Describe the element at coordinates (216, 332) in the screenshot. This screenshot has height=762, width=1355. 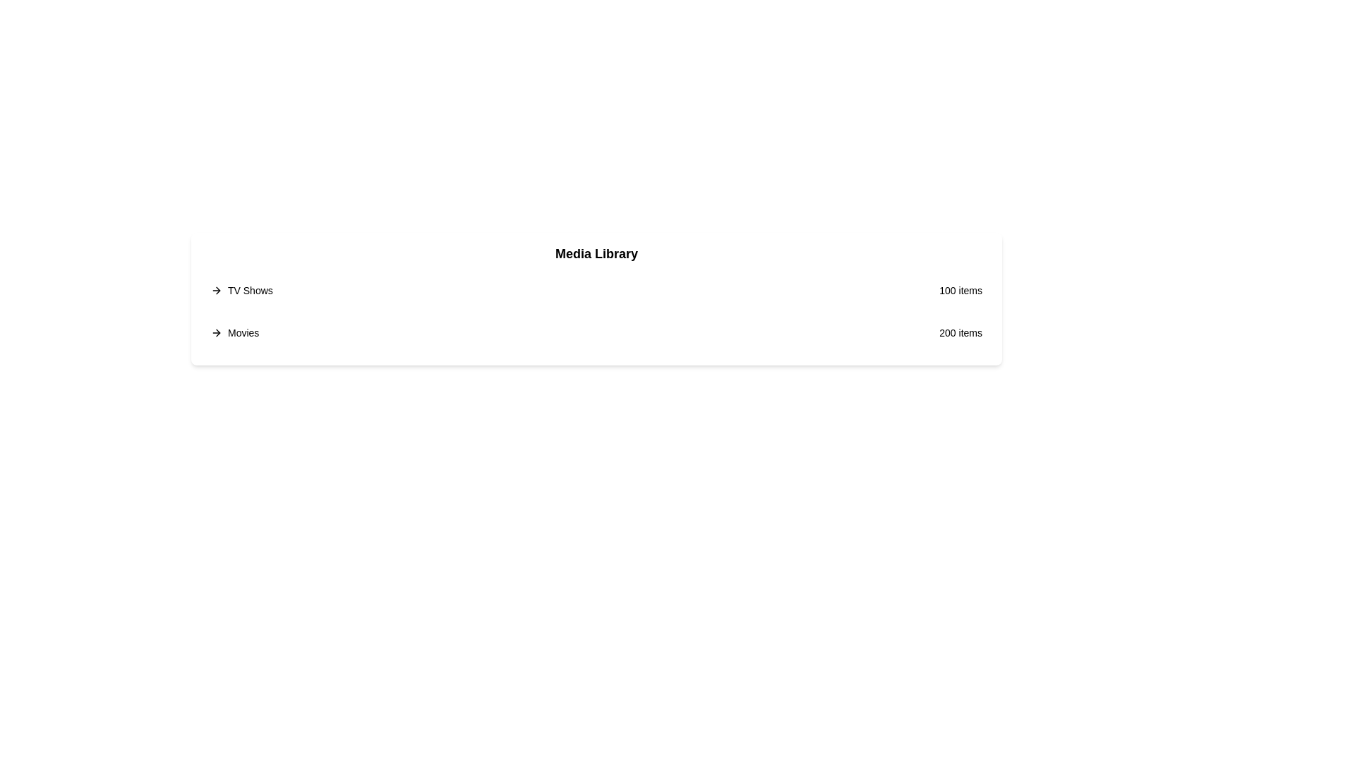
I see `the icon that serves as an indicator for the 'Movies' item in the Media Library, located to the immediate left of the 'Movies' text` at that location.